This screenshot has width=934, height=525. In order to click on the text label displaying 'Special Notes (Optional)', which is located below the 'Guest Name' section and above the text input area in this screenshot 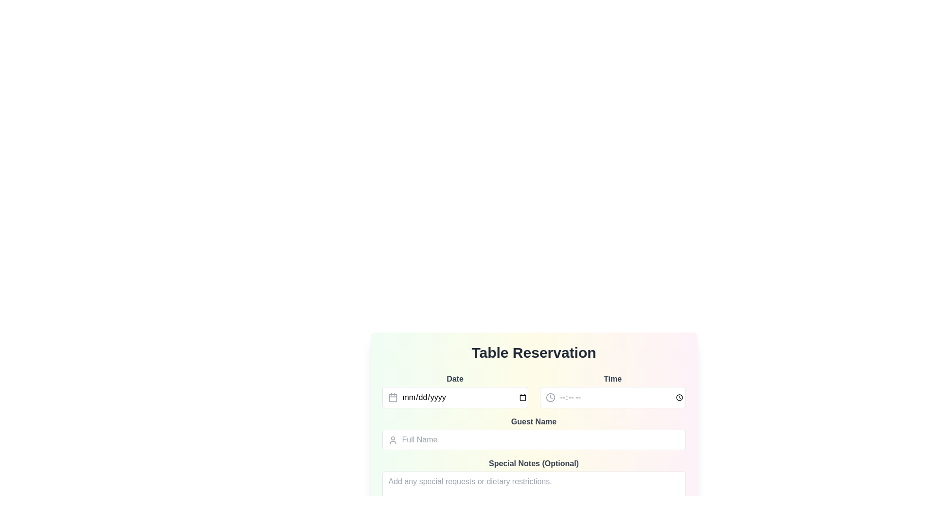, I will do `click(533, 463)`.